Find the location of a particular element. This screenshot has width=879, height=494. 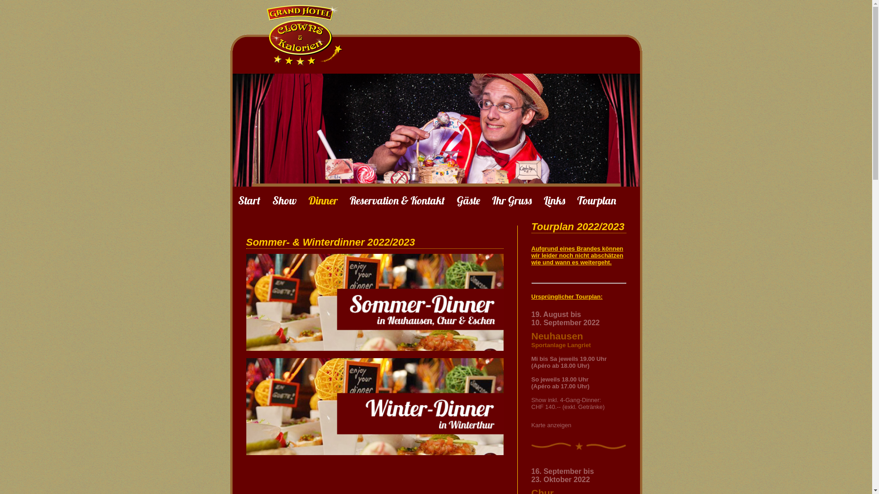

'Dinner' is located at coordinates (308, 200).